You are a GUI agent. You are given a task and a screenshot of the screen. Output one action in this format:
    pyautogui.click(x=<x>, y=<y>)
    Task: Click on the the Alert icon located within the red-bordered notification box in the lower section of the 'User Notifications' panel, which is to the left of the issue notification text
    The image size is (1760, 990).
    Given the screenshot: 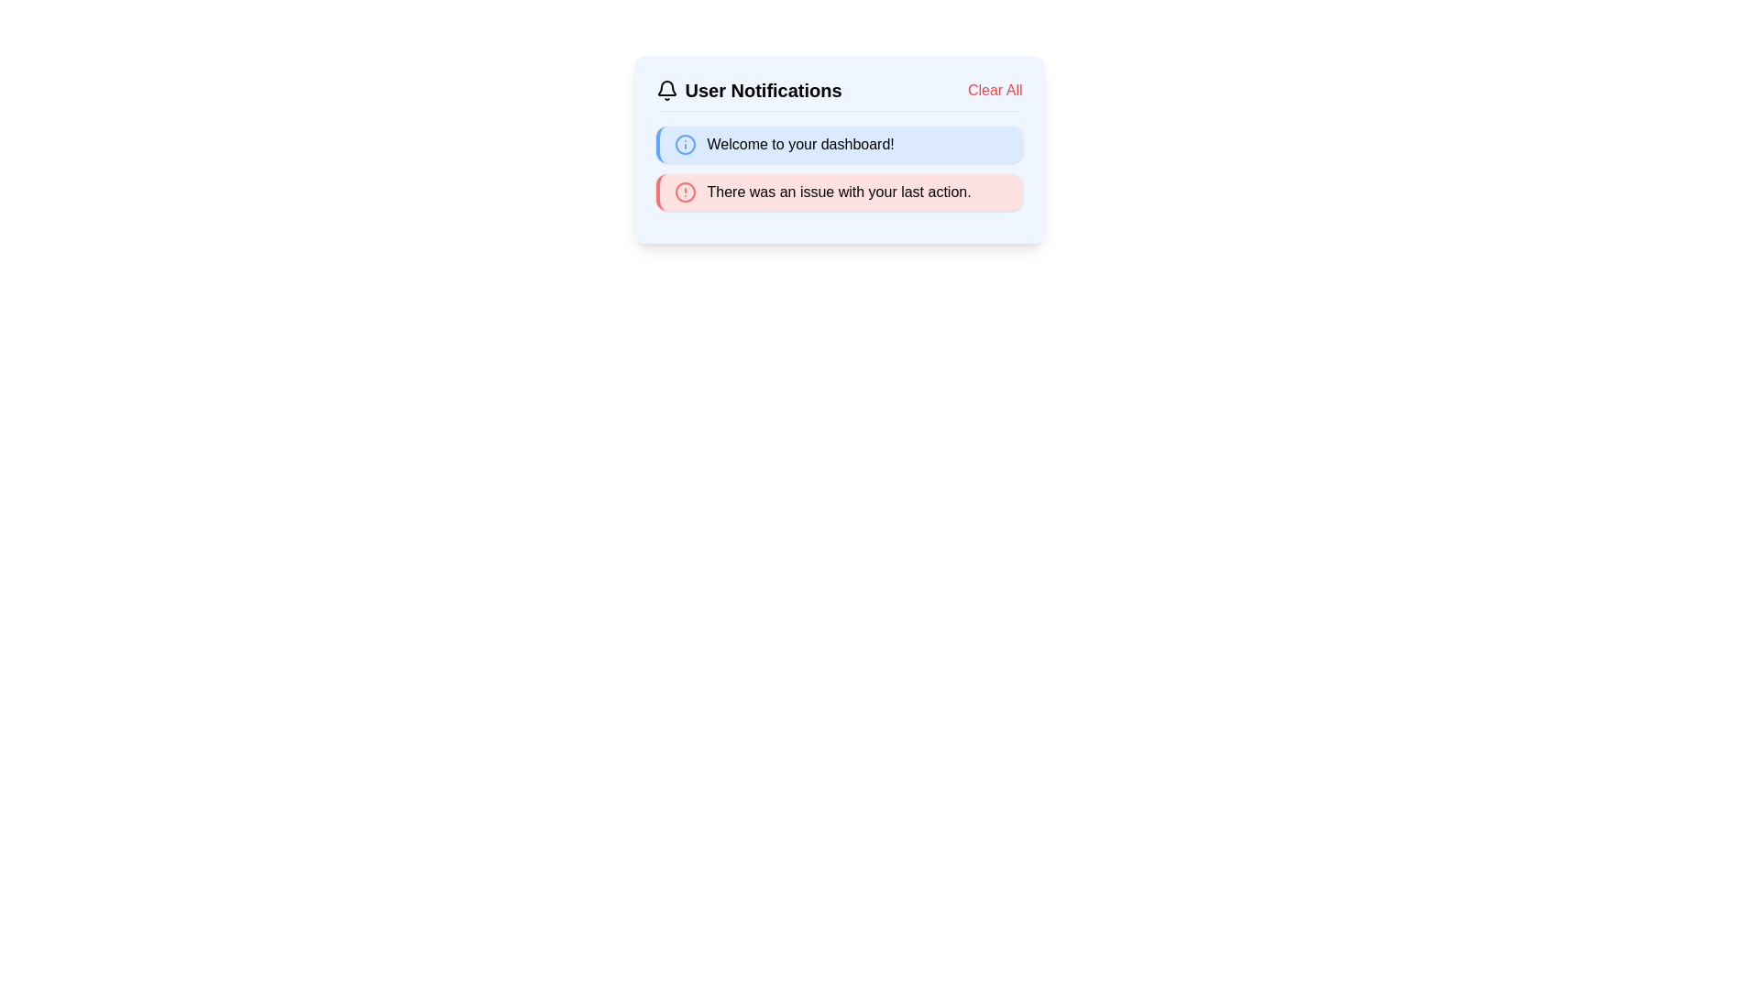 What is the action you would take?
    pyautogui.click(x=684, y=192)
    